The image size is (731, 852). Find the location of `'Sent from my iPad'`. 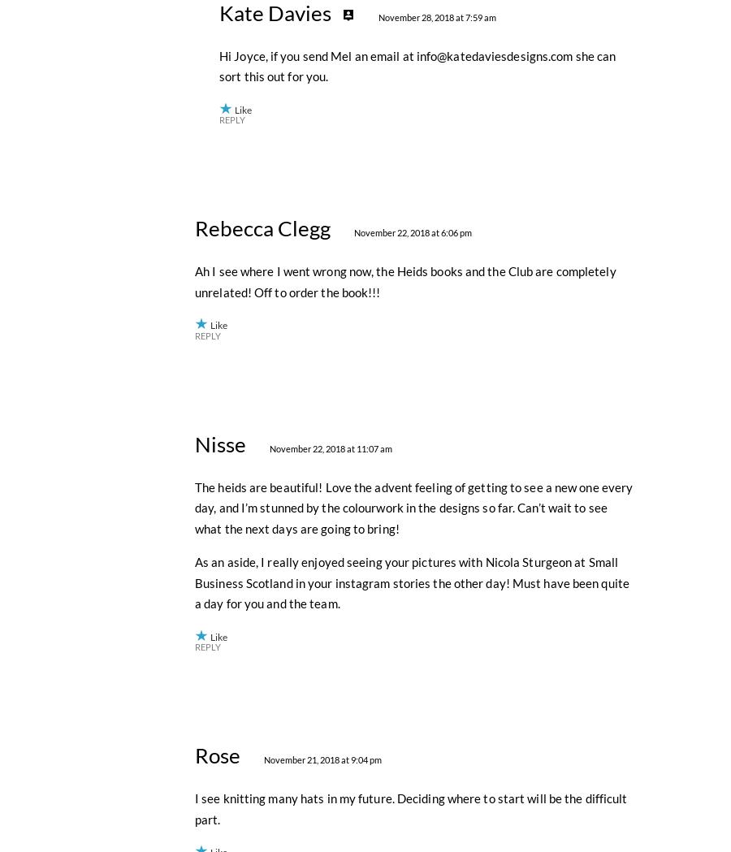

'Sent from my iPad' is located at coordinates (242, 183).